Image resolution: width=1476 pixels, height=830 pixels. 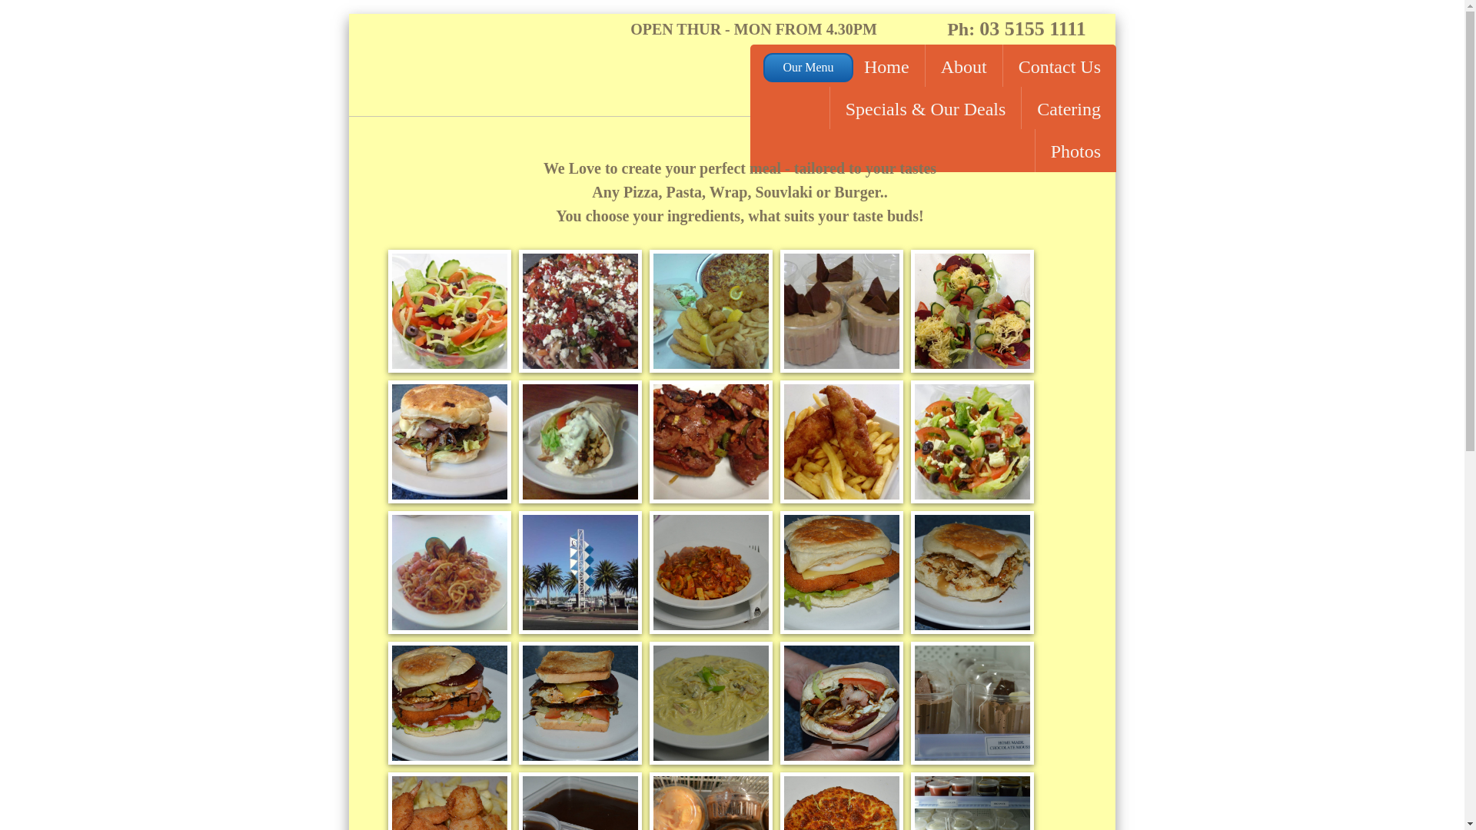 What do you see at coordinates (848, 65) in the screenshot?
I see `'Home'` at bounding box center [848, 65].